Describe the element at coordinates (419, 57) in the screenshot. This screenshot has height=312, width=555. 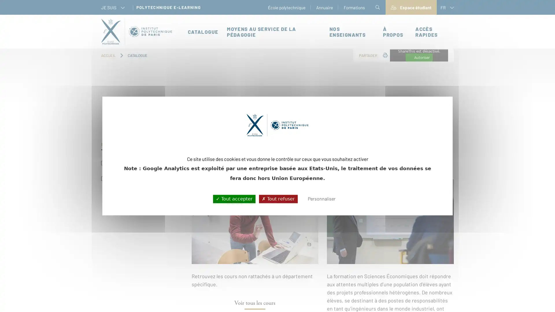
I see `Autoriser` at that location.